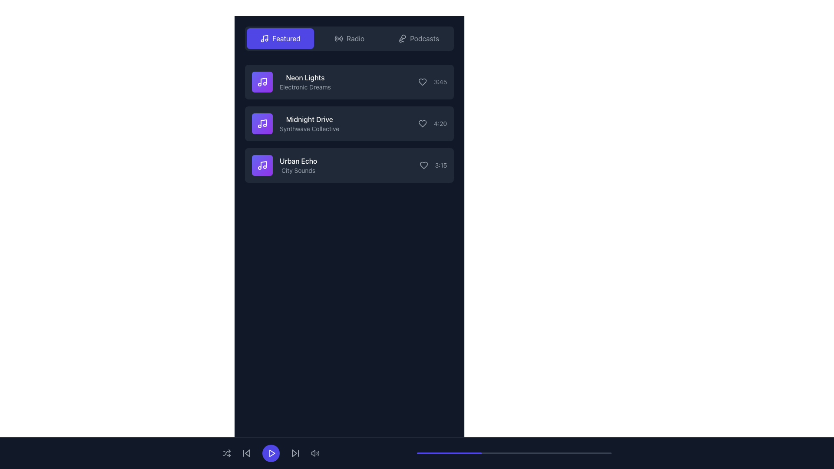  I want to click on the time indicator label displaying '4:20' next to the heart-shaped icon on the 'Midnight Drive' entry in the track list, so click(433, 124).